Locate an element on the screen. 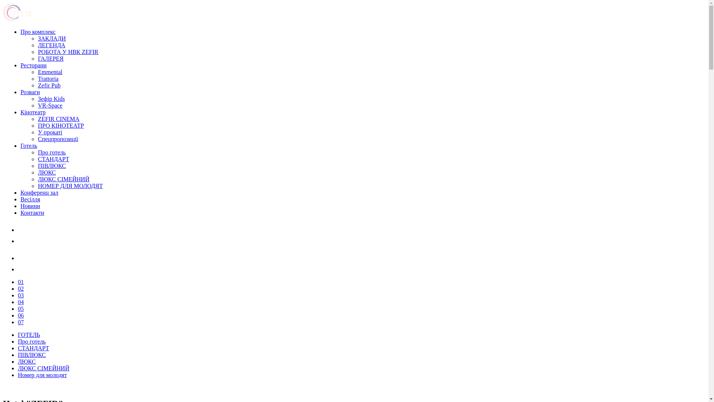 This screenshot has width=714, height=402. '04' is located at coordinates (18, 302).